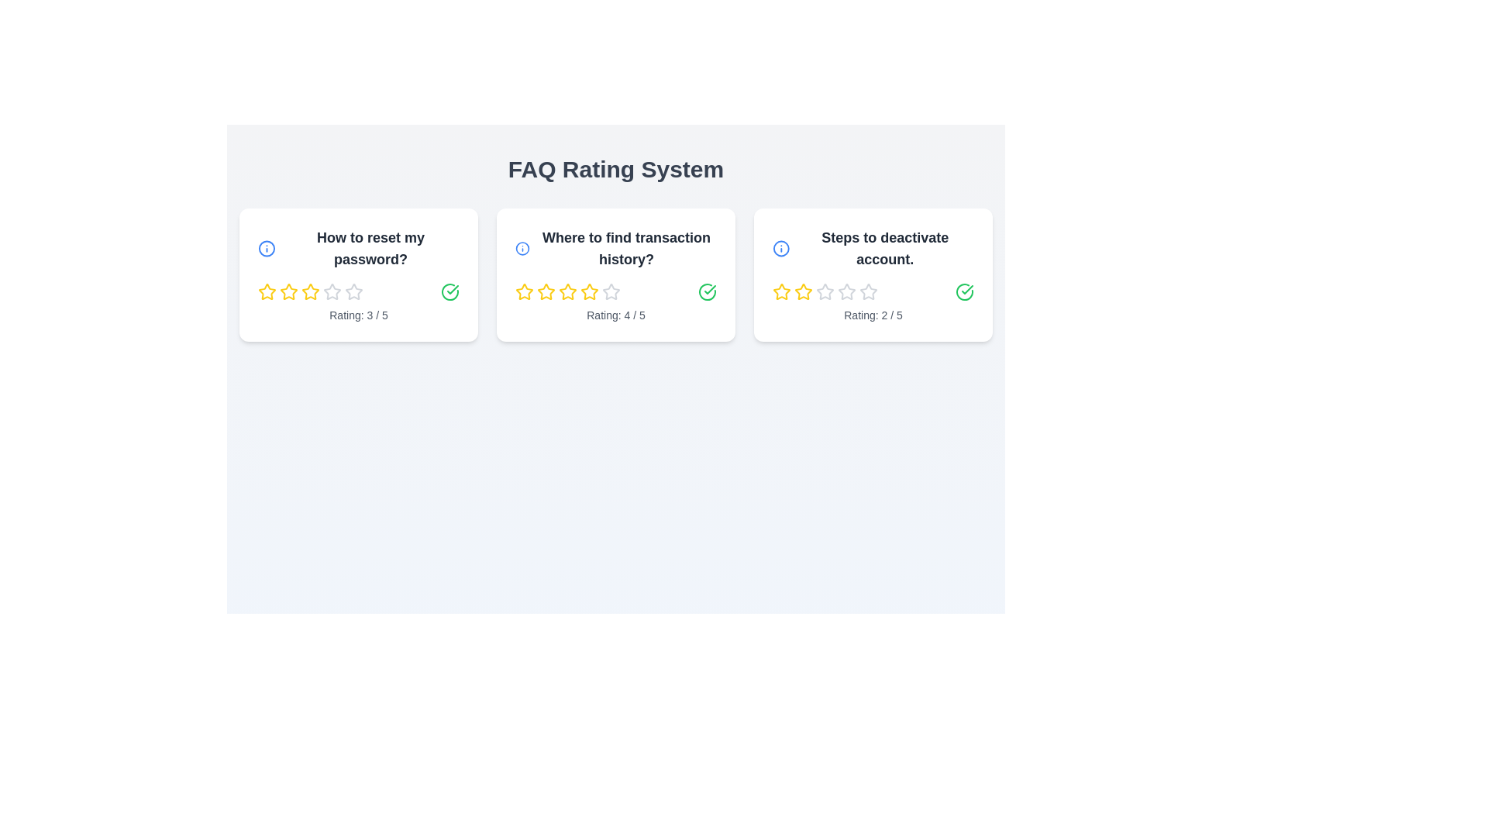 The image size is (1488, 837). What do you see at coordinates (615, 274) in the screenshot?
I see `the FAQ card with the question 'Where to find transaction history?'` at bounding box center [615, 274].